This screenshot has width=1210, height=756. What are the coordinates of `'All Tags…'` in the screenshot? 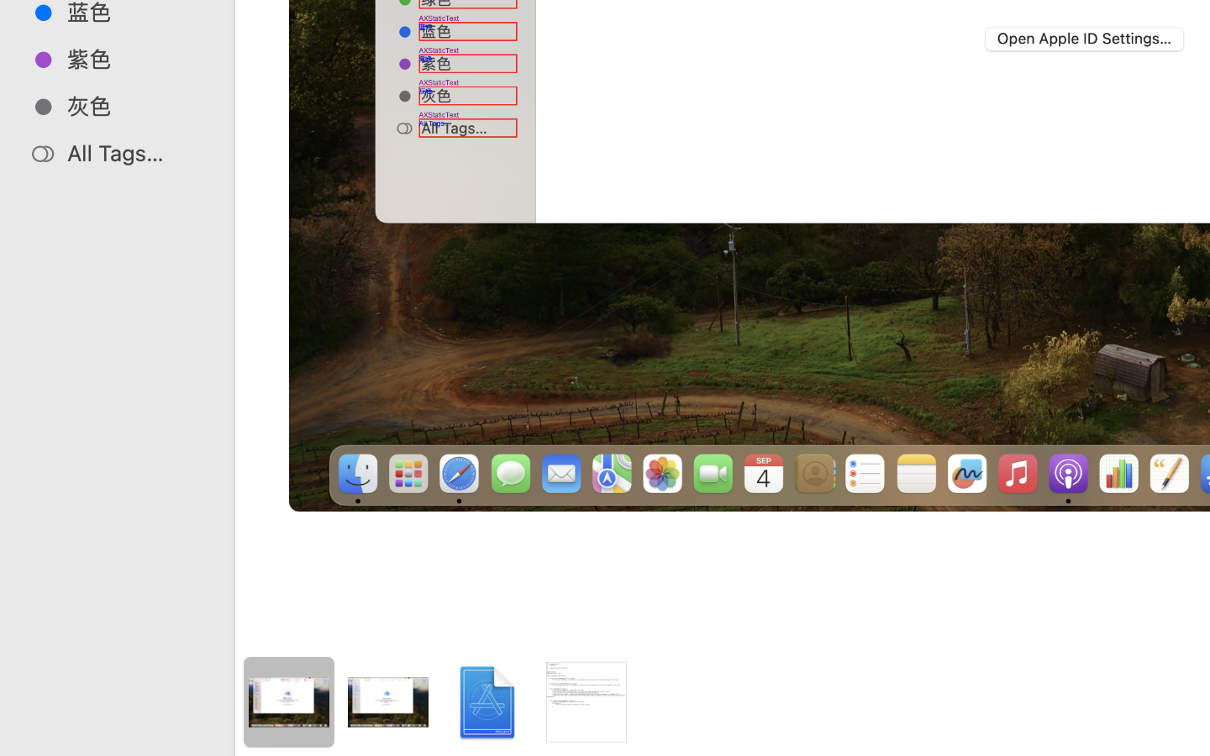 It's located at (134, 152).